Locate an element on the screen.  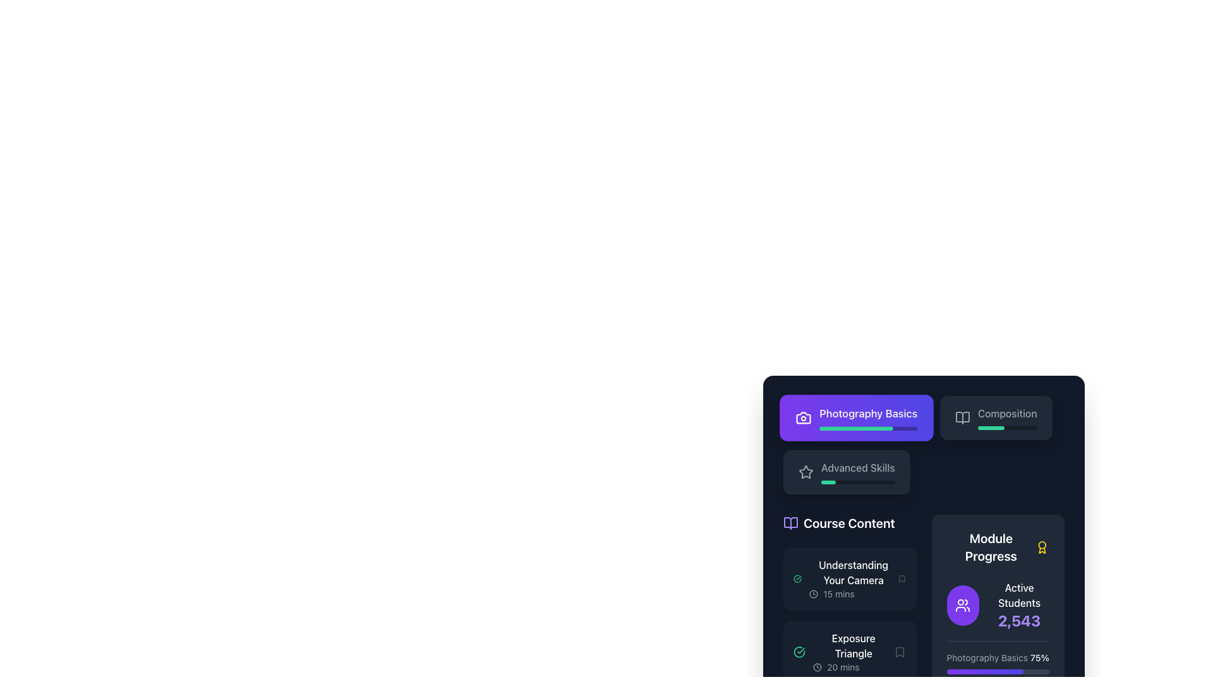
the Heading or Label that indicates the course content, located in the upper-middle section just beneath the 'Advanced Skills' section is located at coordinates (850, 523).